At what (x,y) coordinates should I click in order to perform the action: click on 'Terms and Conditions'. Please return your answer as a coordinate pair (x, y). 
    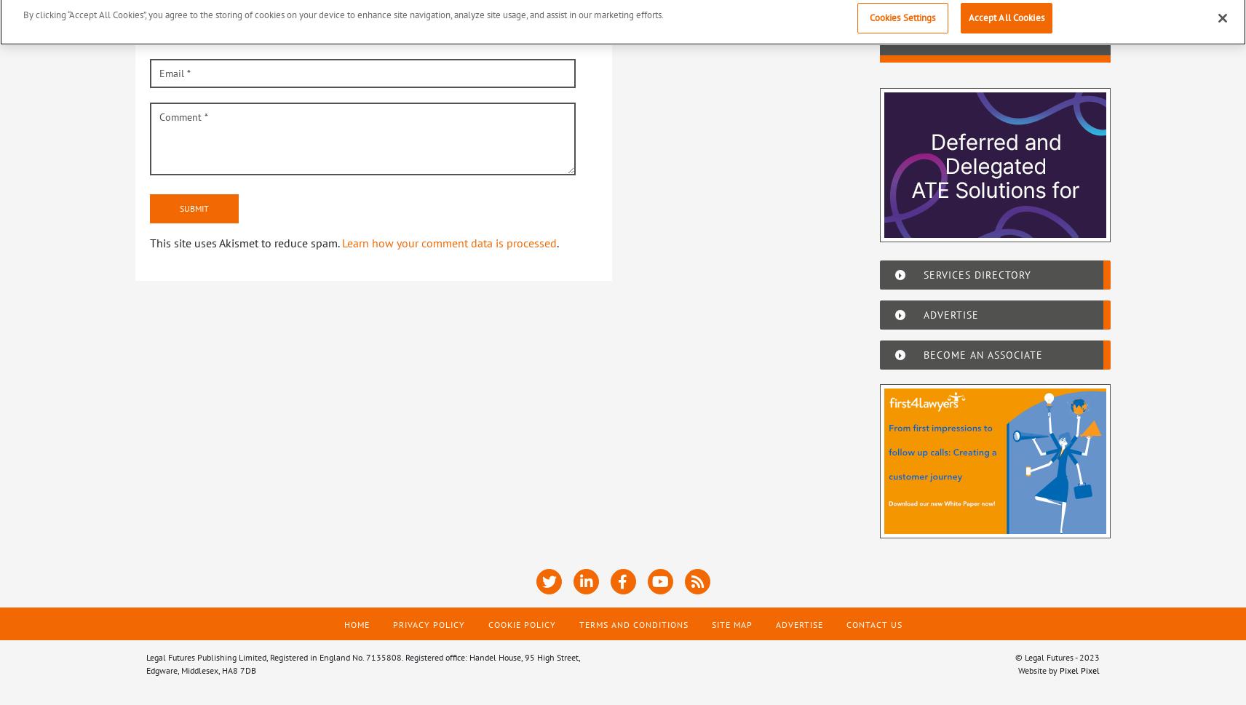
    Looking at the image, I should click on (579, 623).